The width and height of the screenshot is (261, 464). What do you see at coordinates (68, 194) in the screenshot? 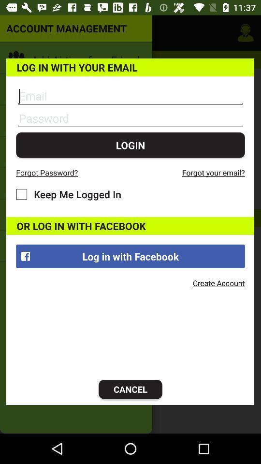
I see `the item above the or log in` at bounding box center [68, 194].